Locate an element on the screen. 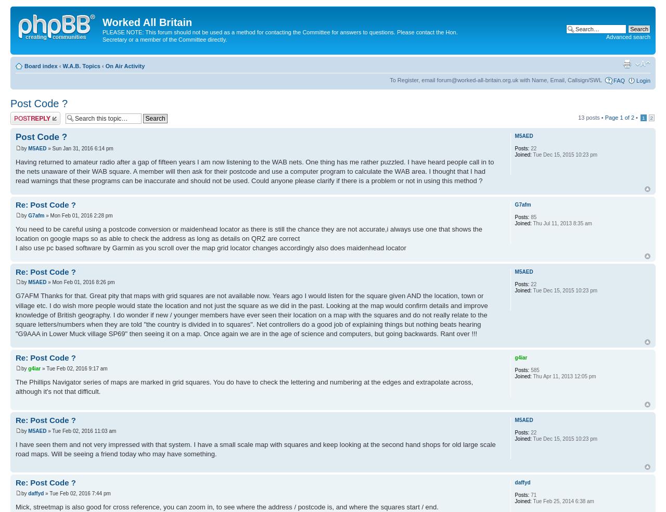 The image size is (666, 512). 'PLEASE NOTE: This forum should not be used as a method for contacting the Committee for answers to questions. Please contact the Hon. Secretary or a member of the Committee directly.' is located at coordinates (279, 35).